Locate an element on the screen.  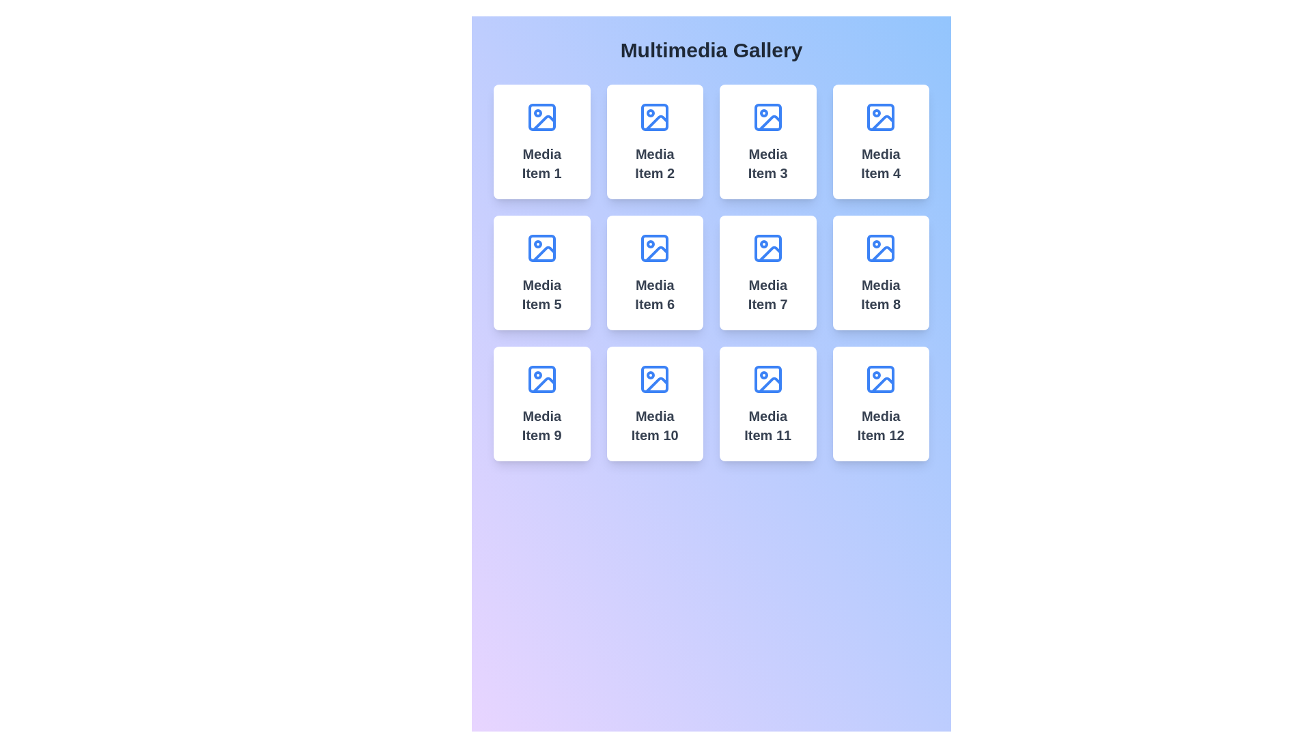
the large rectangle forming the base of the icon in the last slot of the media gallery's third row, titled 'Media Item 12.' is located at coordinates (881, 379).